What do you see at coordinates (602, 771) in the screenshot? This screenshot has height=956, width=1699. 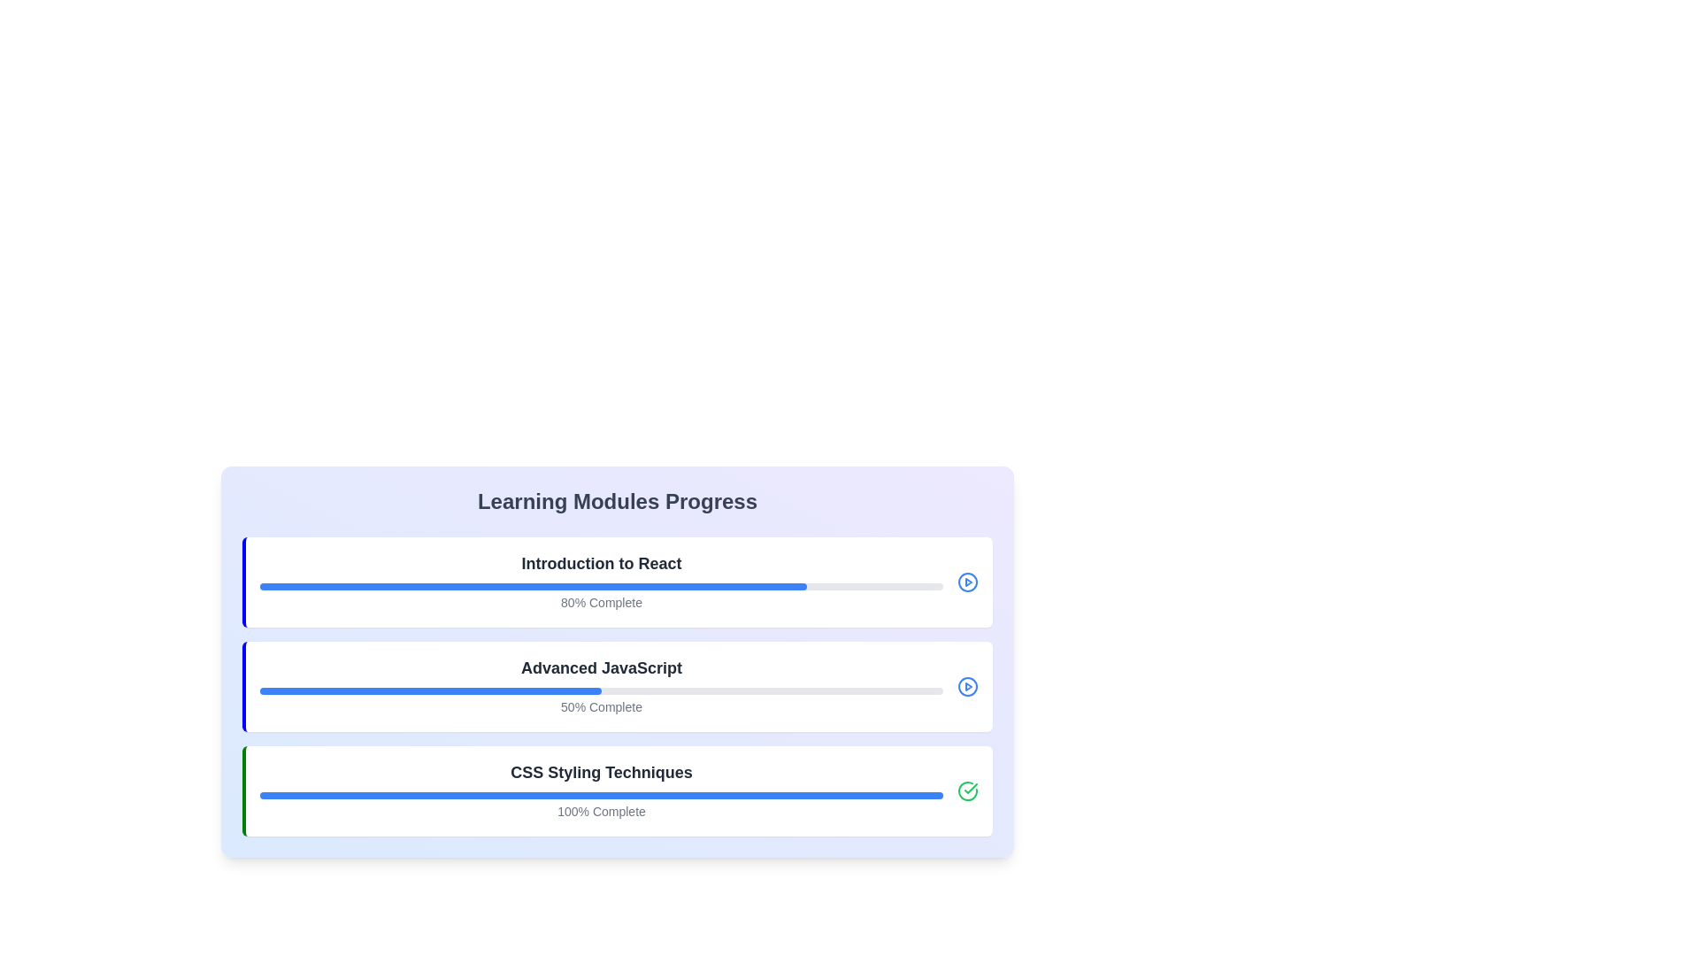 I see `the text label displaying 'CSS Styling Techniques', which is the top text component in the third module box above the progress bar` at bounding box center [602, 771].